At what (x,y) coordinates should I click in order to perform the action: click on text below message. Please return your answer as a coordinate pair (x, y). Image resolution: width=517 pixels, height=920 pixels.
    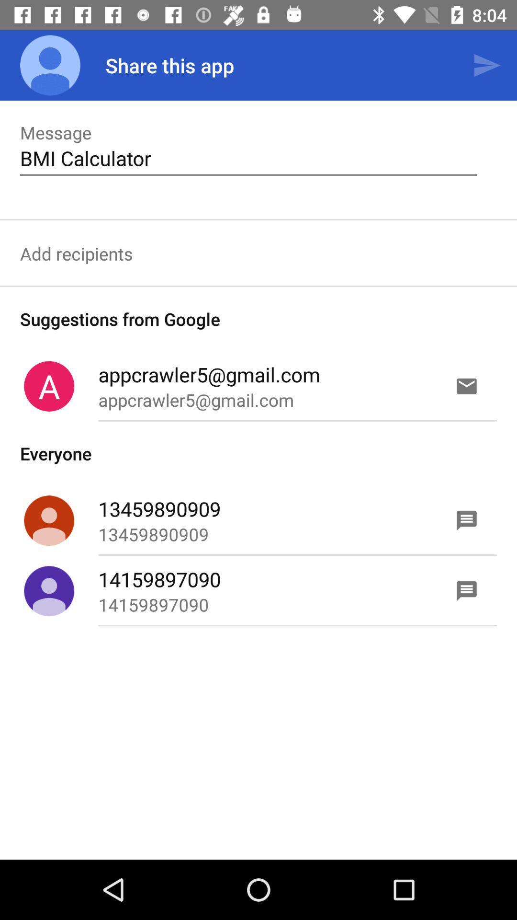
    Looking at the image, I should click on (248, 158).